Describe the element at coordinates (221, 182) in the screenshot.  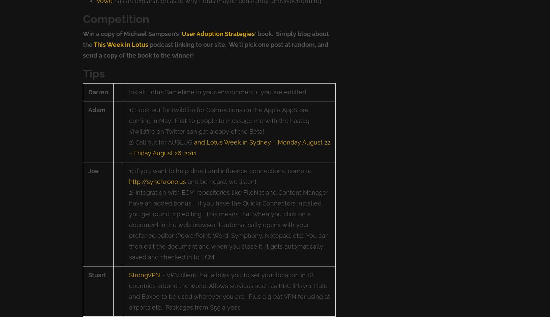
I see `'and be heard, we listen!'` at that location.